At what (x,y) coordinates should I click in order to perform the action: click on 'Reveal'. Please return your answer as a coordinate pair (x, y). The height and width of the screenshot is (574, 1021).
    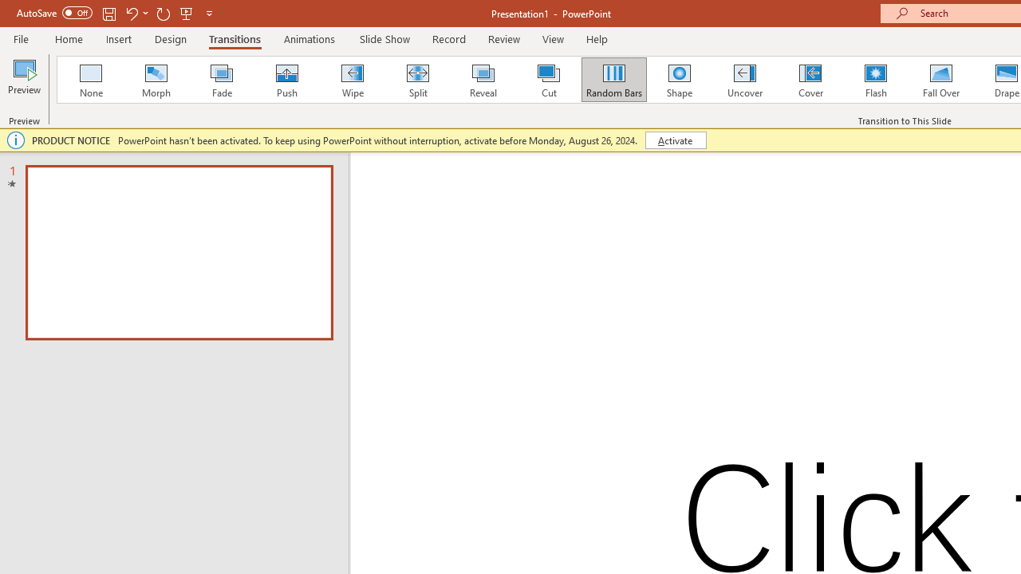
    Looking at the image, I should click on (482, 80).